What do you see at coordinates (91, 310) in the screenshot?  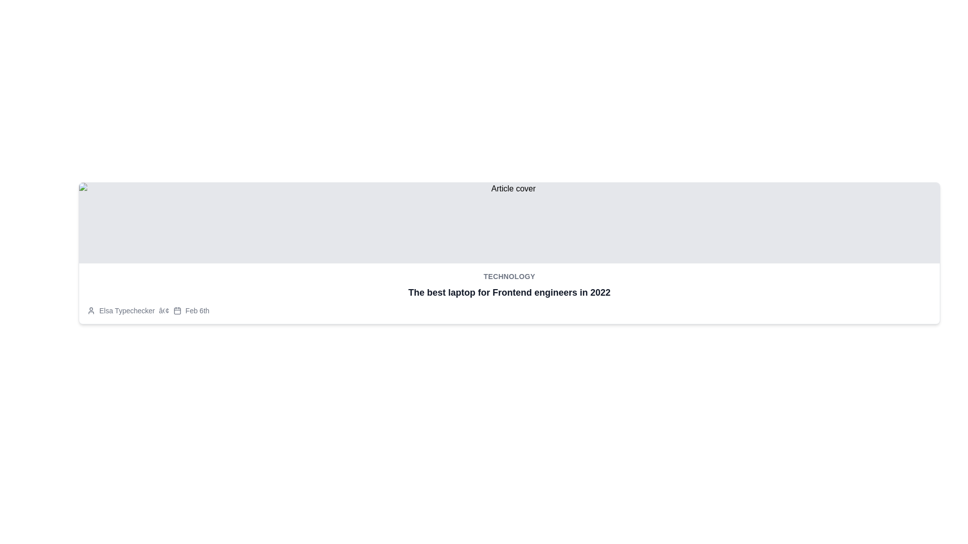 I see `the user icon that appears at the start of the text line reading 'Elsa Typechecker â¢ Feb 6th'` at bounding box center [91, 310].